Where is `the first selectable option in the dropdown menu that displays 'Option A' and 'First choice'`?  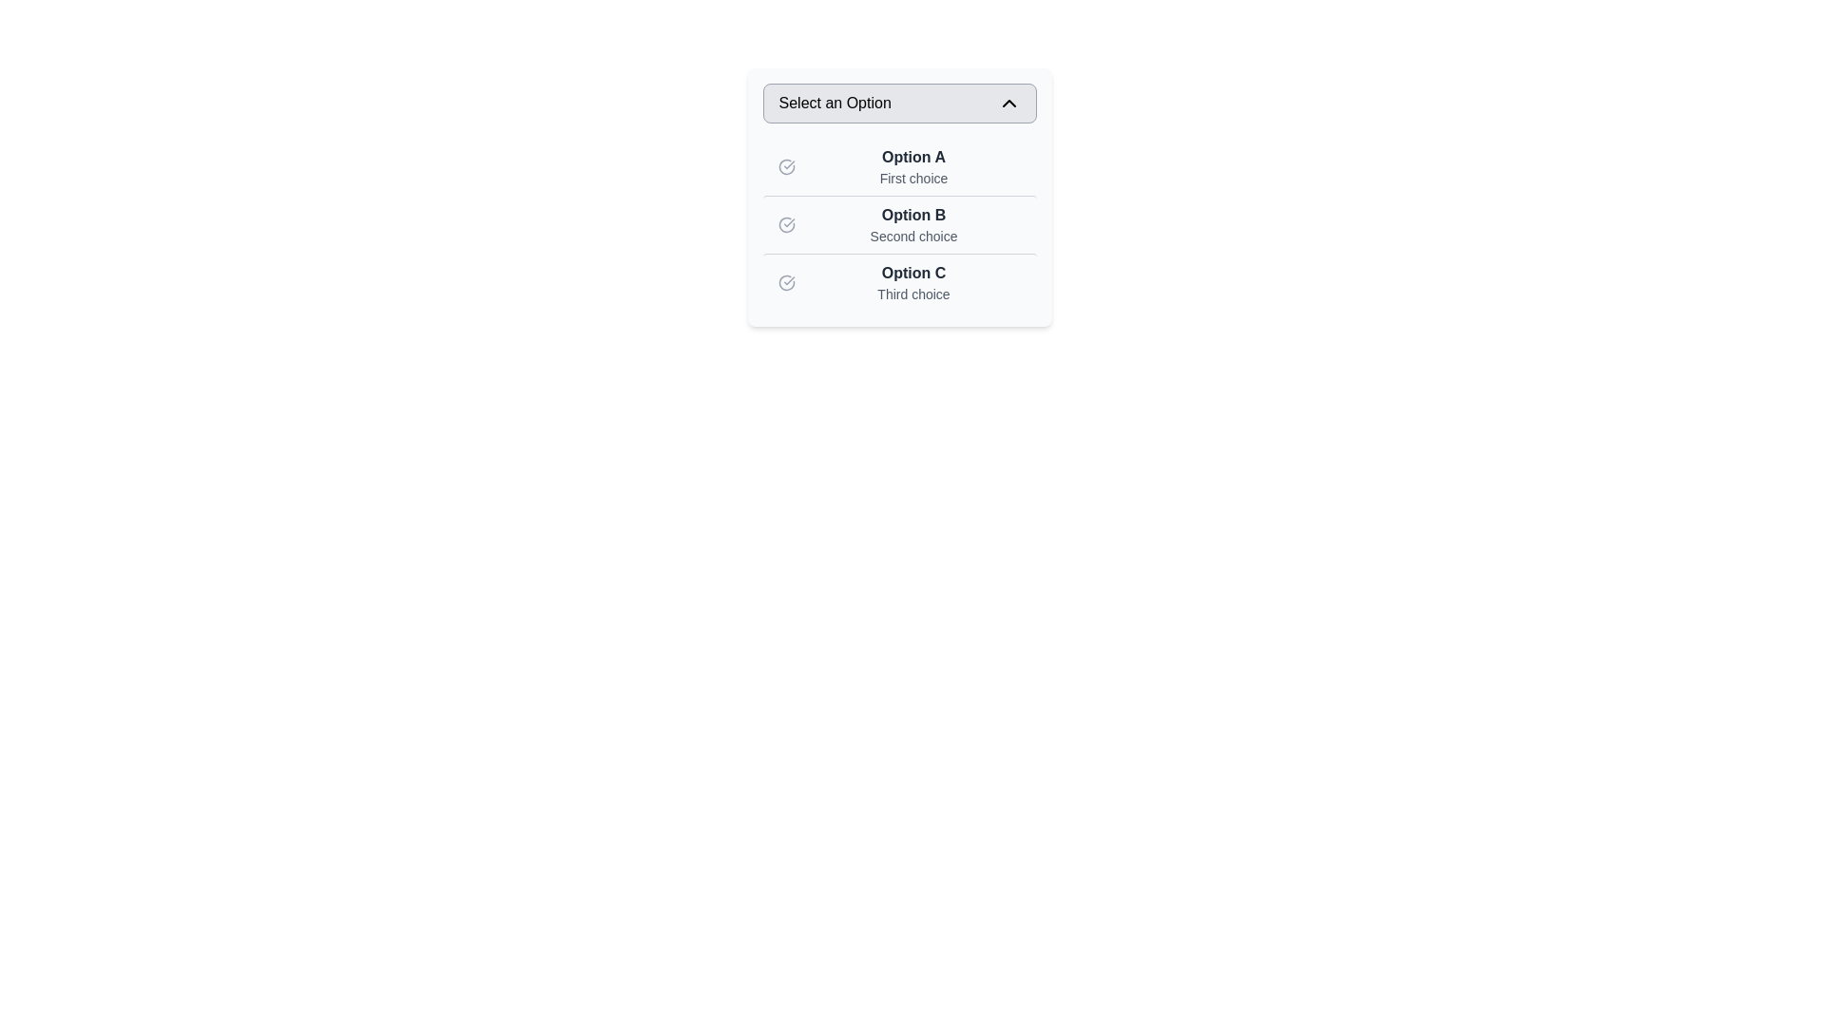 the first selectable option in the dropdown menu that displays 'Option A' and 'First choice' is located at coordinates (913, 166).